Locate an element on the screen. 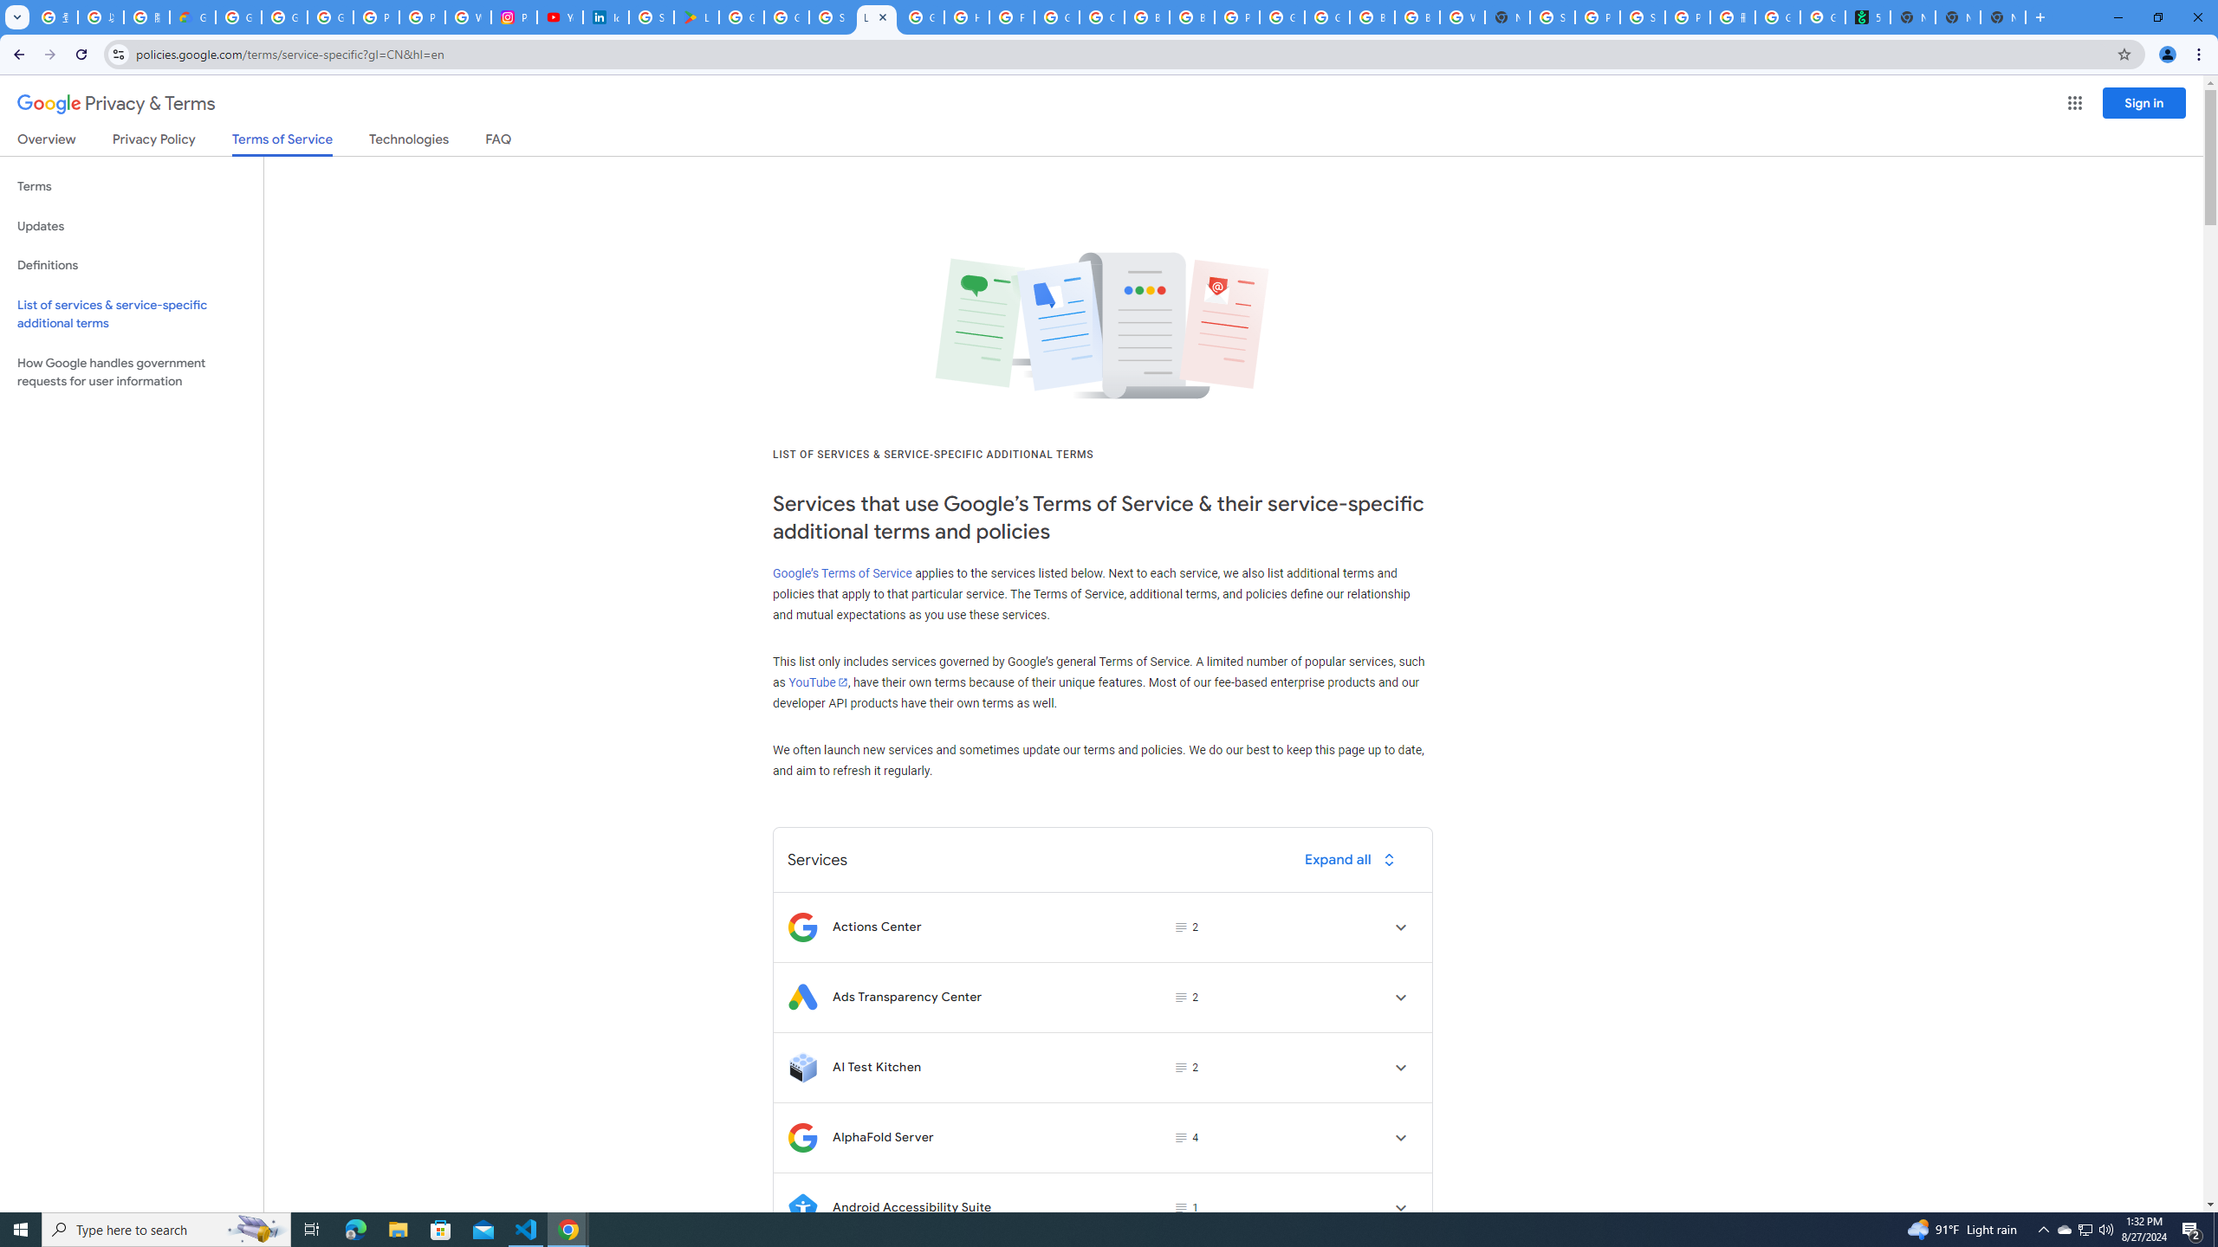 The image size is (2218, 1247). 'Restore' is located at coordinates (2157, 16).